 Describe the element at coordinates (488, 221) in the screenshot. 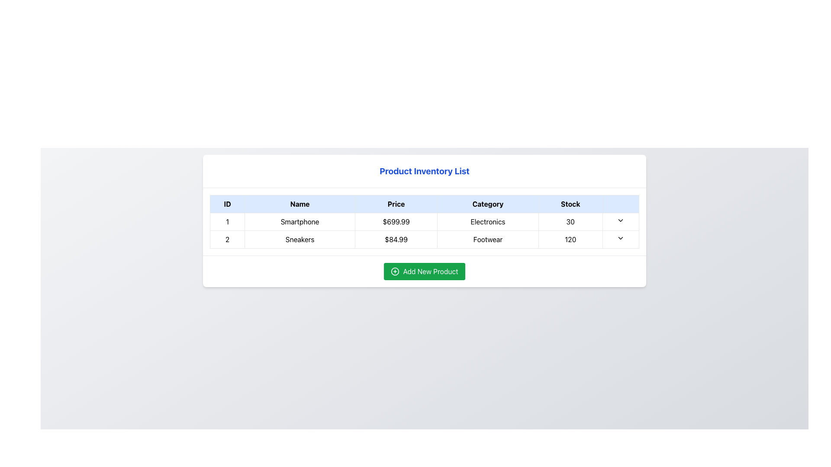

I see `the text element located in the fourth cell of the first row of the product inventory table` at that location.